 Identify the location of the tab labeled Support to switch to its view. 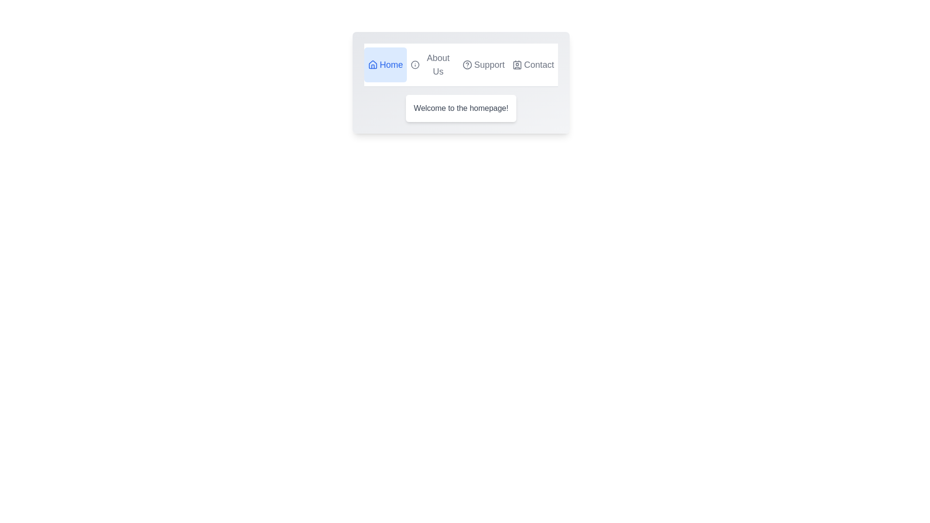
(483, 65).